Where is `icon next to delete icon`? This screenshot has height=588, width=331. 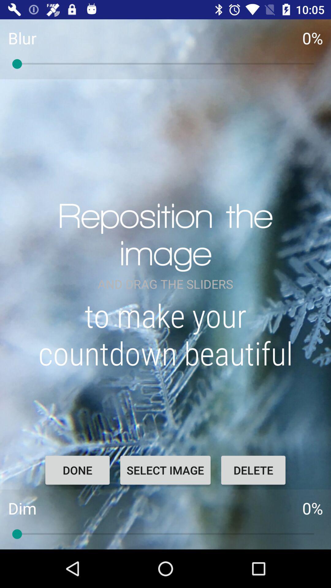 icon next to delete icon is located at coordinates (165, 470).